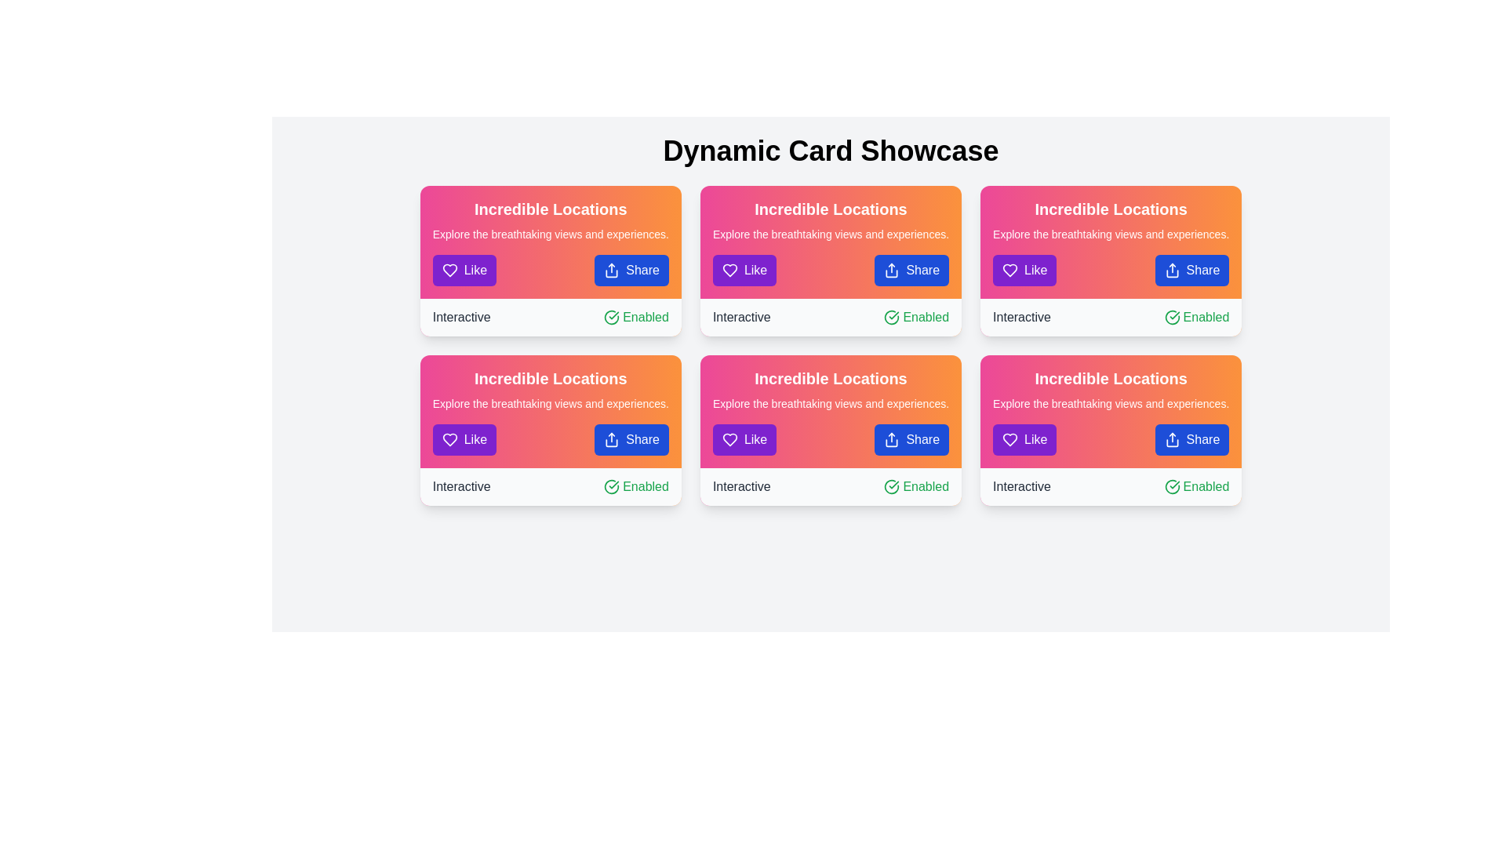  I want to click on the Decorative SVG Component that visually represents a checkmark icon, located at the bottom-right corner of a rectangular card in a grid layout, so click(1172, 486).